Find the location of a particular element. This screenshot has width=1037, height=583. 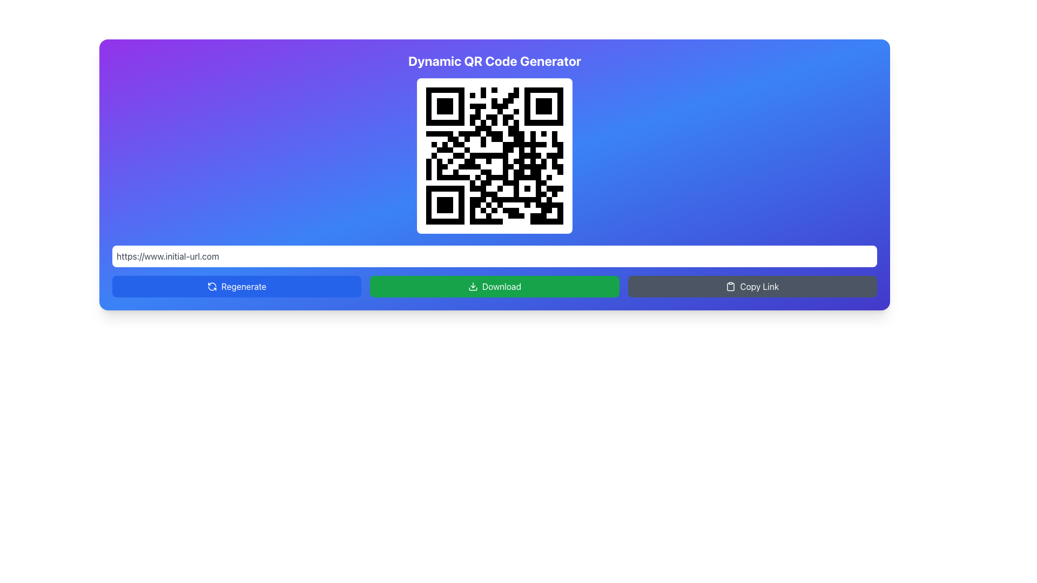

the green 'Download' button located centrally below the QR code and URL text box to initiate the download is located at coordinates (494, 286).